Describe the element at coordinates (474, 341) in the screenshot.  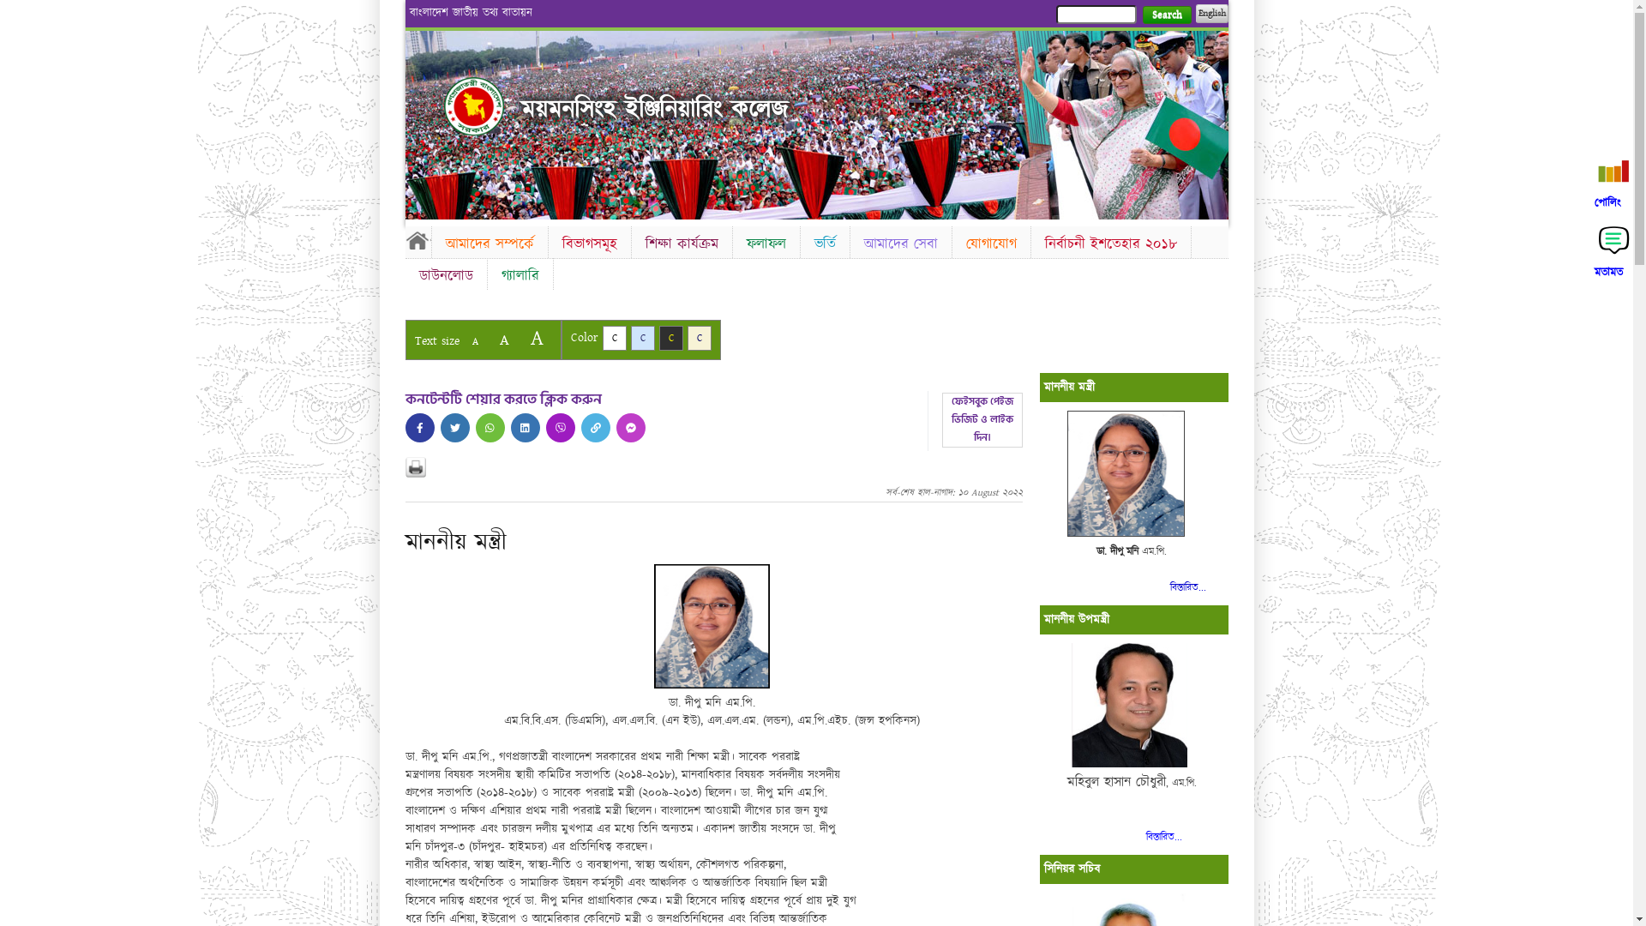
I see `'A'` at that location.